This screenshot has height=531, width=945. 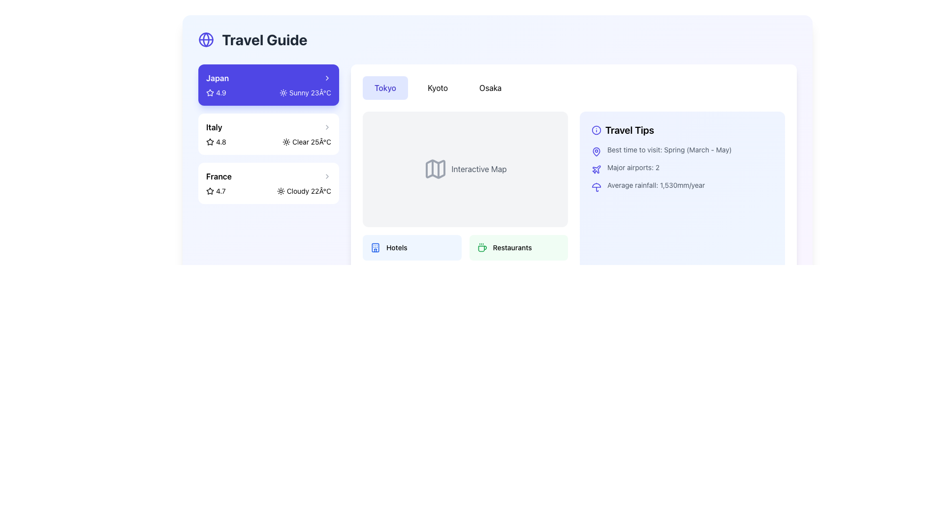 What do you see at coordinates (437, 87) in the screenshot?
I see `the interactive button for 'Kyoto'` at bounding box center [437, 87].